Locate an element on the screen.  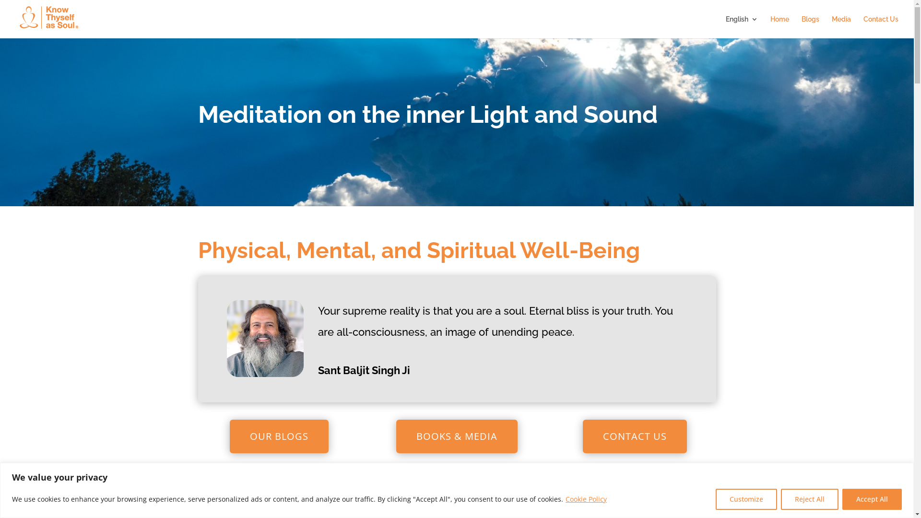
'Accept All' is located at coordinates (872, 498).